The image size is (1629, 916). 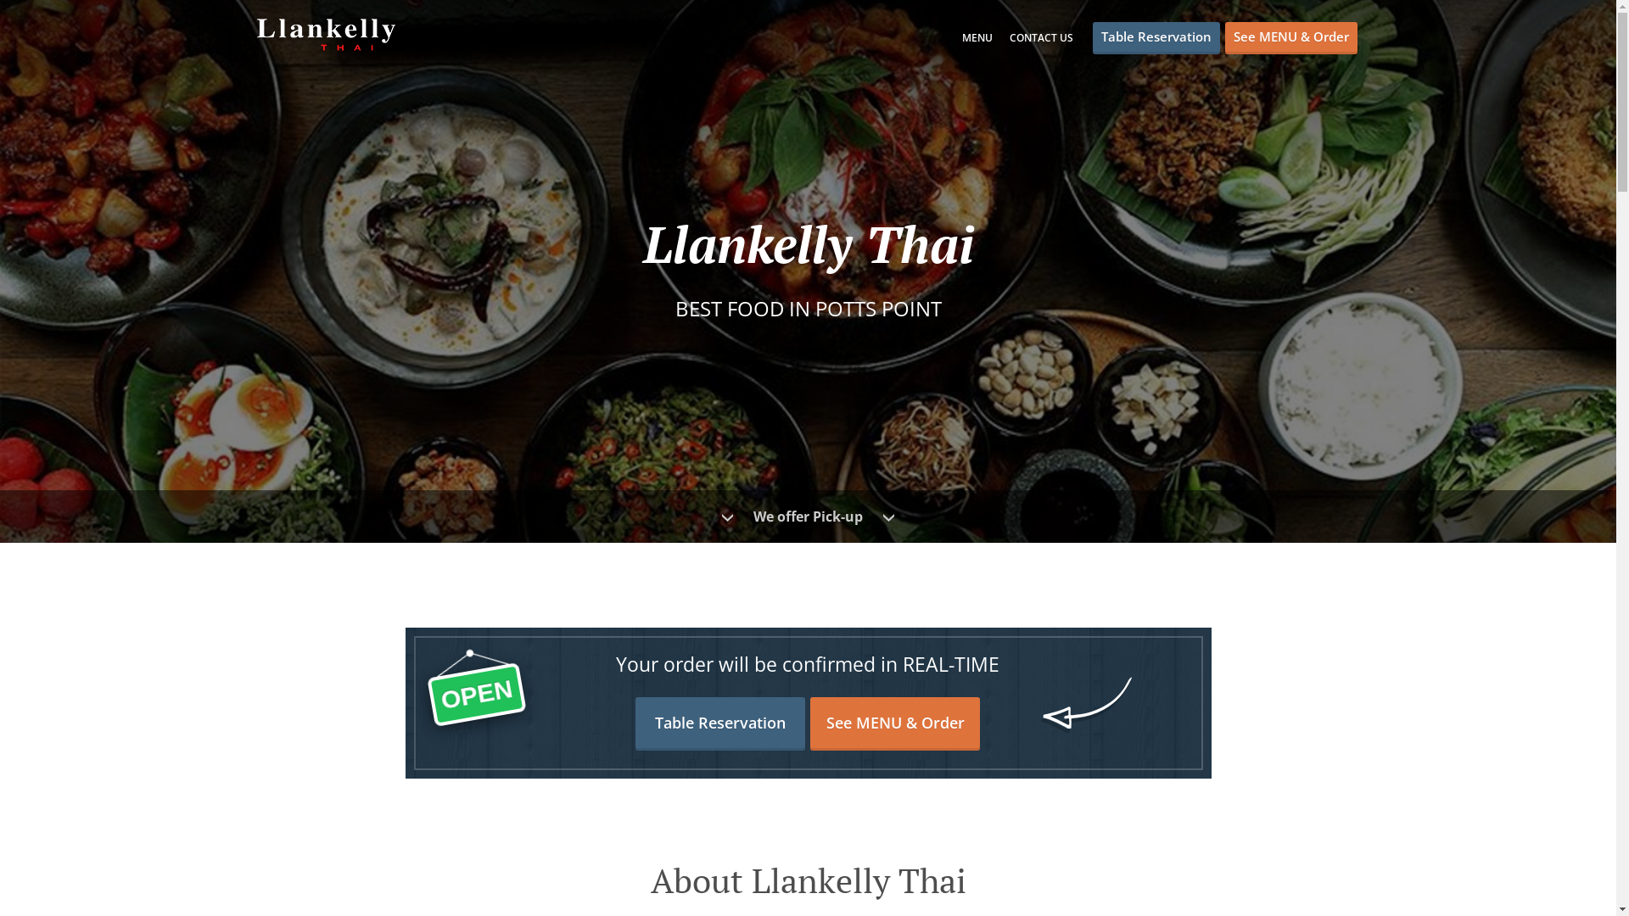 What do you see at coordinates (977, 37) in the screenshot?
I see `'MENU'` at bounding box center [977, 37].